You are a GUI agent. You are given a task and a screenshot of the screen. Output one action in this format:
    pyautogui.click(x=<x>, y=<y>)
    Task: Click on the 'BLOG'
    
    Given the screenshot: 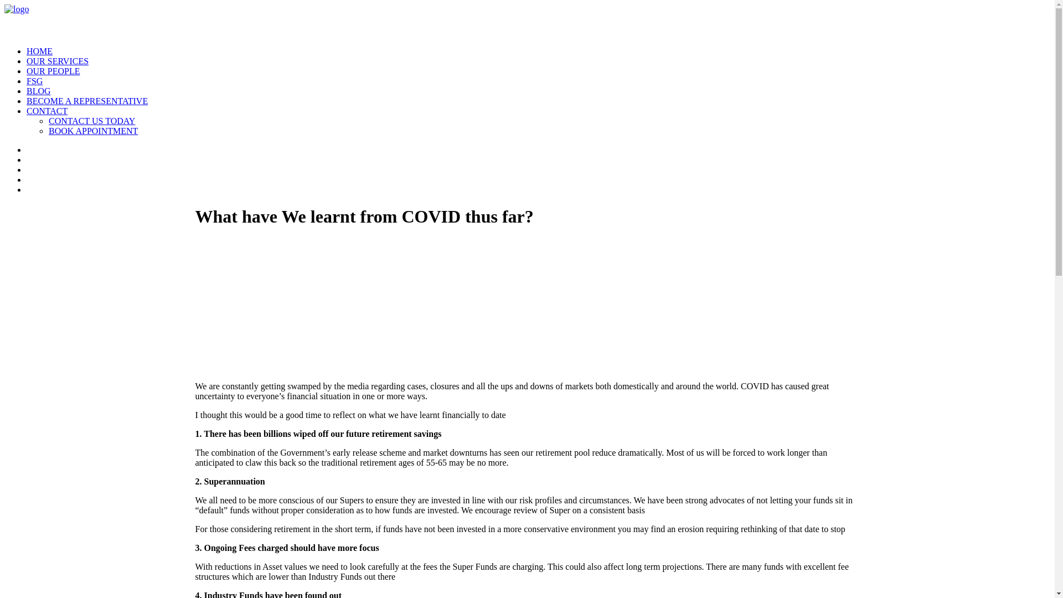 What is the action you would take?
    pyautogui.click(x=39, y=90)
    